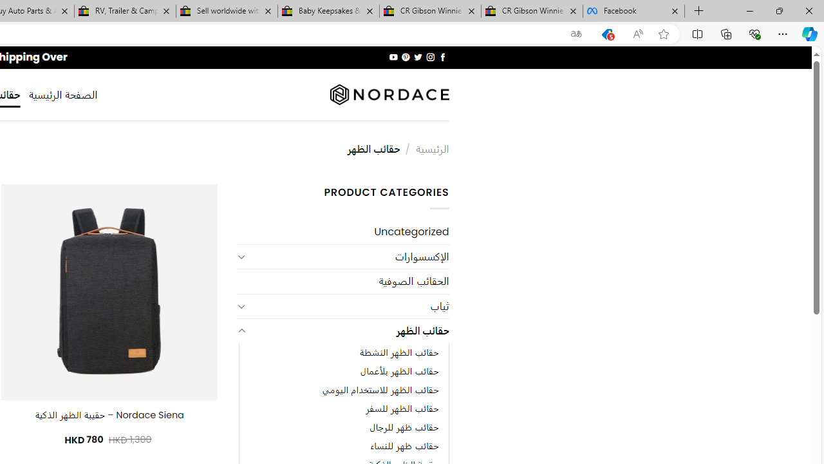 Image resolution: width=824 pixels, height=464 pixels. What do you see at coordinates (430, 57) in the screenshot?
I see `'Follow on Instagram'` at bounding box center [430, 57].